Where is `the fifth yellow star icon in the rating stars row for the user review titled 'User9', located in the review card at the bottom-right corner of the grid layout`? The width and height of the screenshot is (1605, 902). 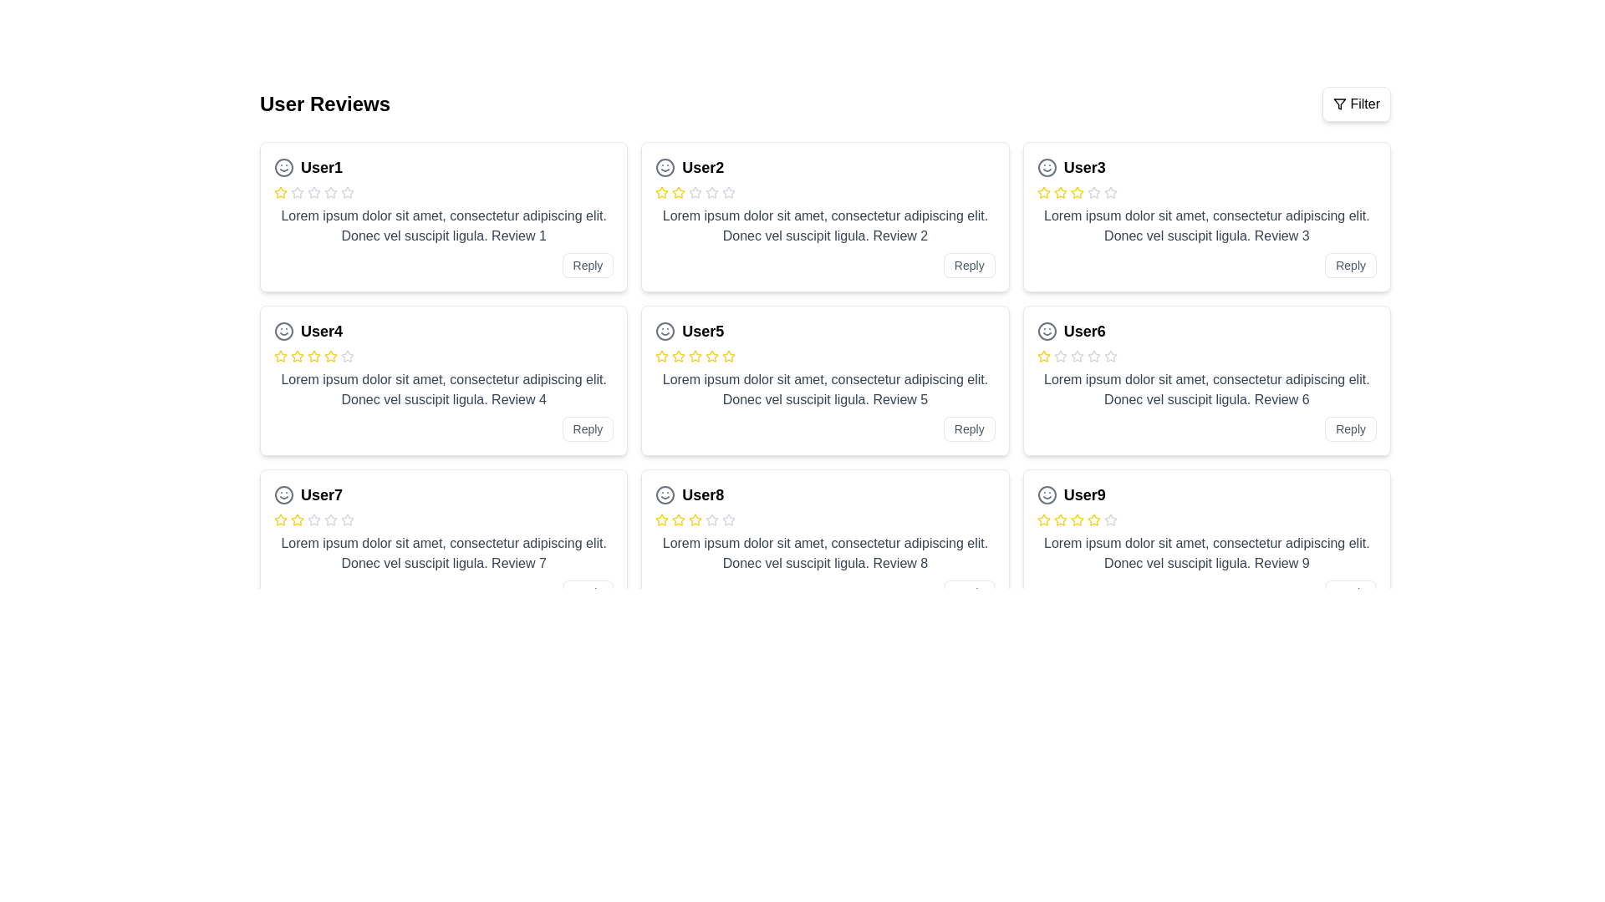 the fifth yellow star icon in the rating stars row for the user review titled 'User9', located in the review card at the bottom-right corner of the grid layout is located at coordinates (1093, 519).